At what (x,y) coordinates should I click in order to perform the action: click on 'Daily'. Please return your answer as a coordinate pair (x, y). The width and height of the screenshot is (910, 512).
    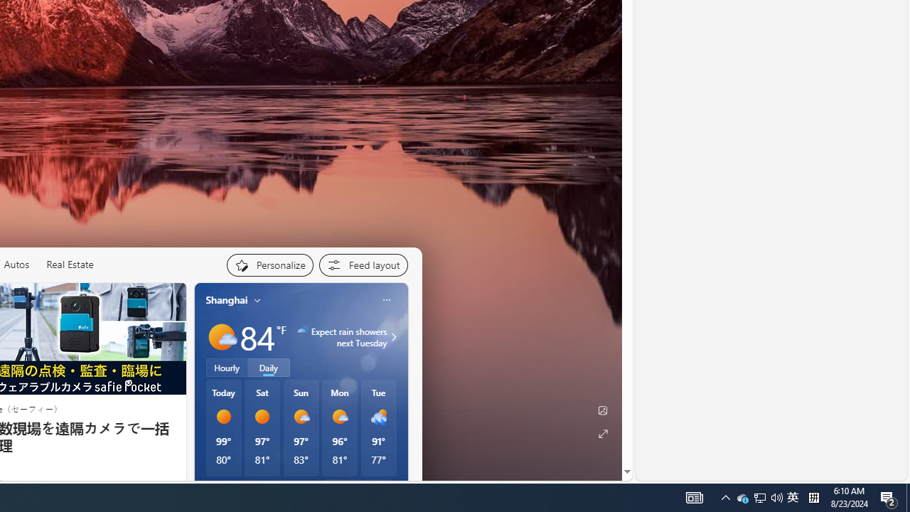
    Looking at the image, I should click on (269, 366).